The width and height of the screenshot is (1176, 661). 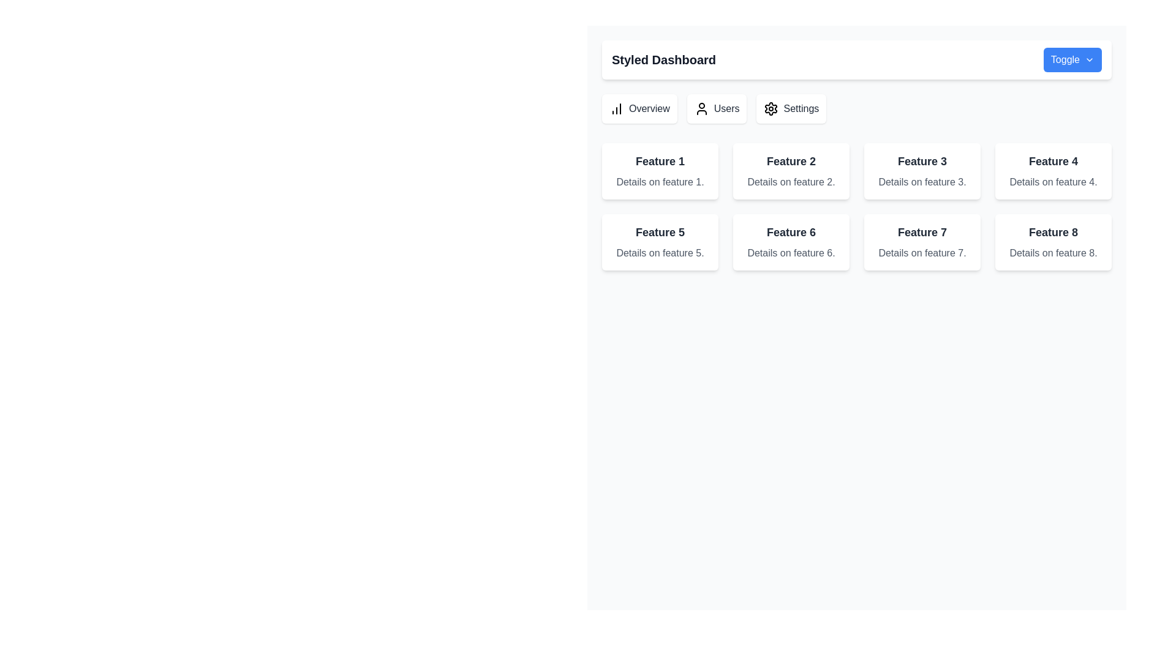 What do you see at coordinates (717, 108) in the screenshot?
I see `the 'Users' button, which is the second button in a horizontal group of three buttons, located below the header` at bounding box center [717, 108].